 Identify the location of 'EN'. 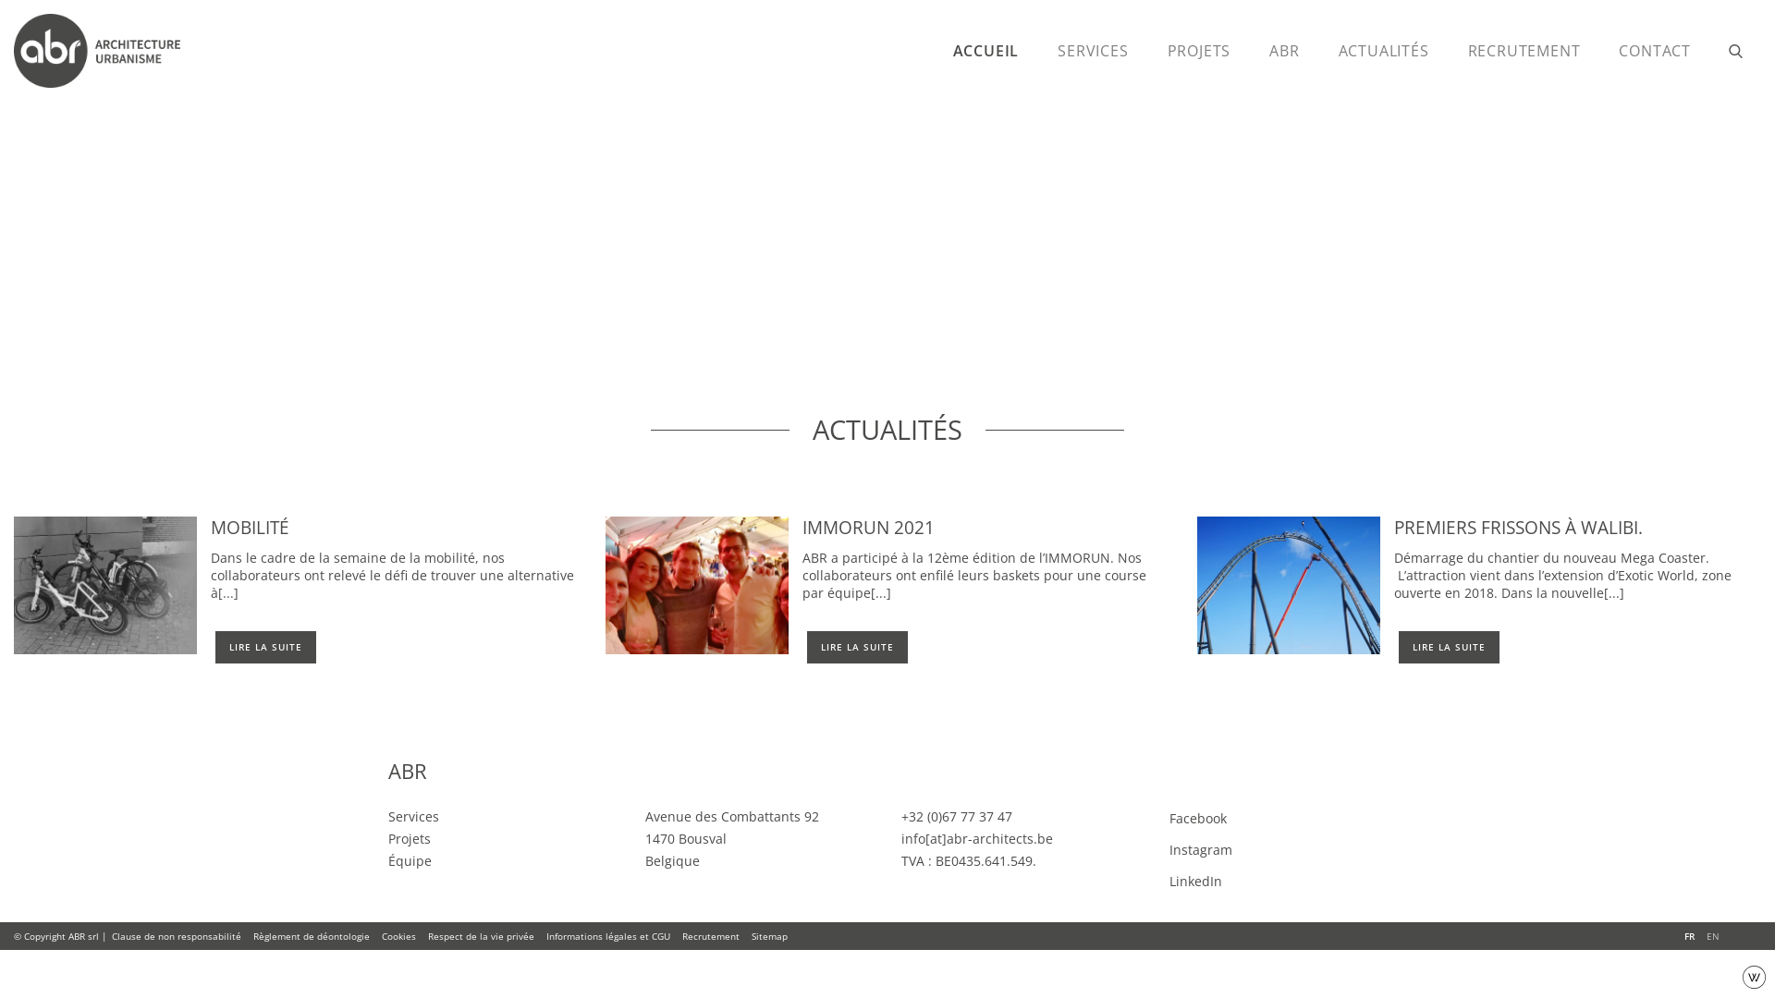
(1711, 936).